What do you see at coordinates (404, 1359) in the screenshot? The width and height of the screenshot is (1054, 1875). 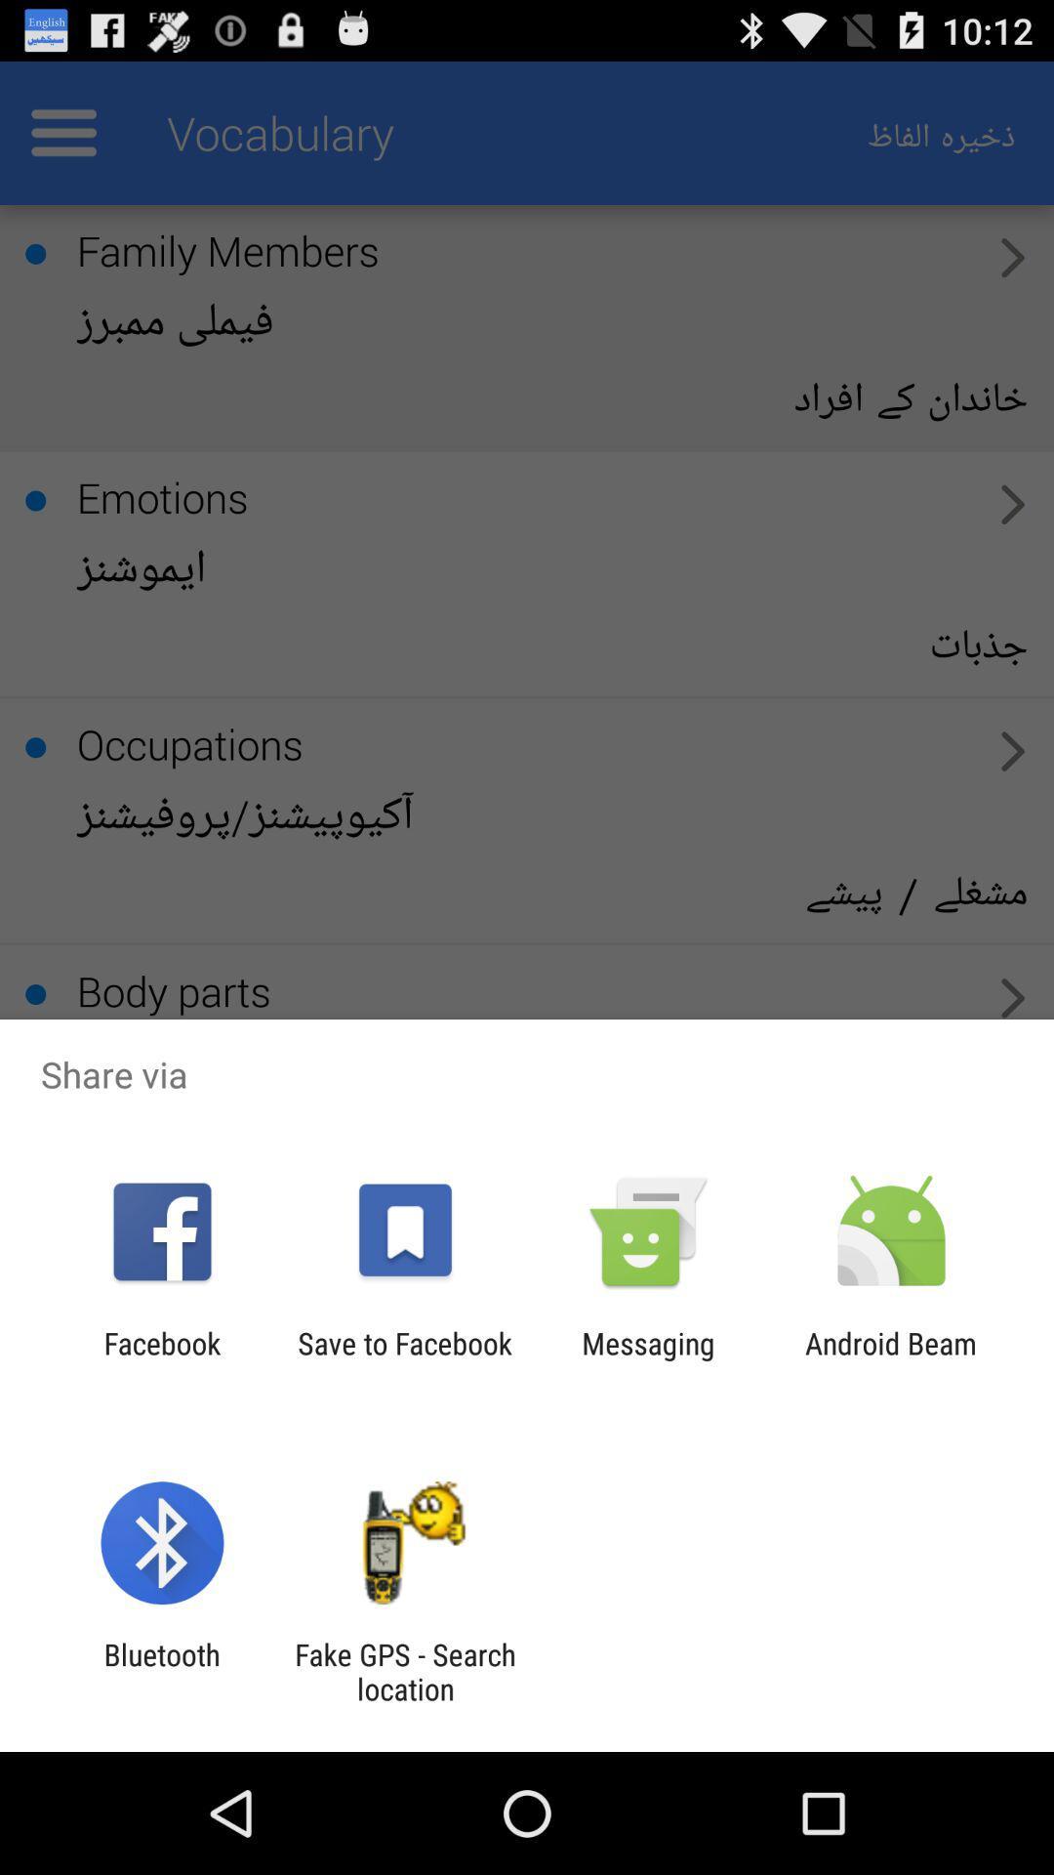 I see `save to facebook` at bounding box center [404, 1359].